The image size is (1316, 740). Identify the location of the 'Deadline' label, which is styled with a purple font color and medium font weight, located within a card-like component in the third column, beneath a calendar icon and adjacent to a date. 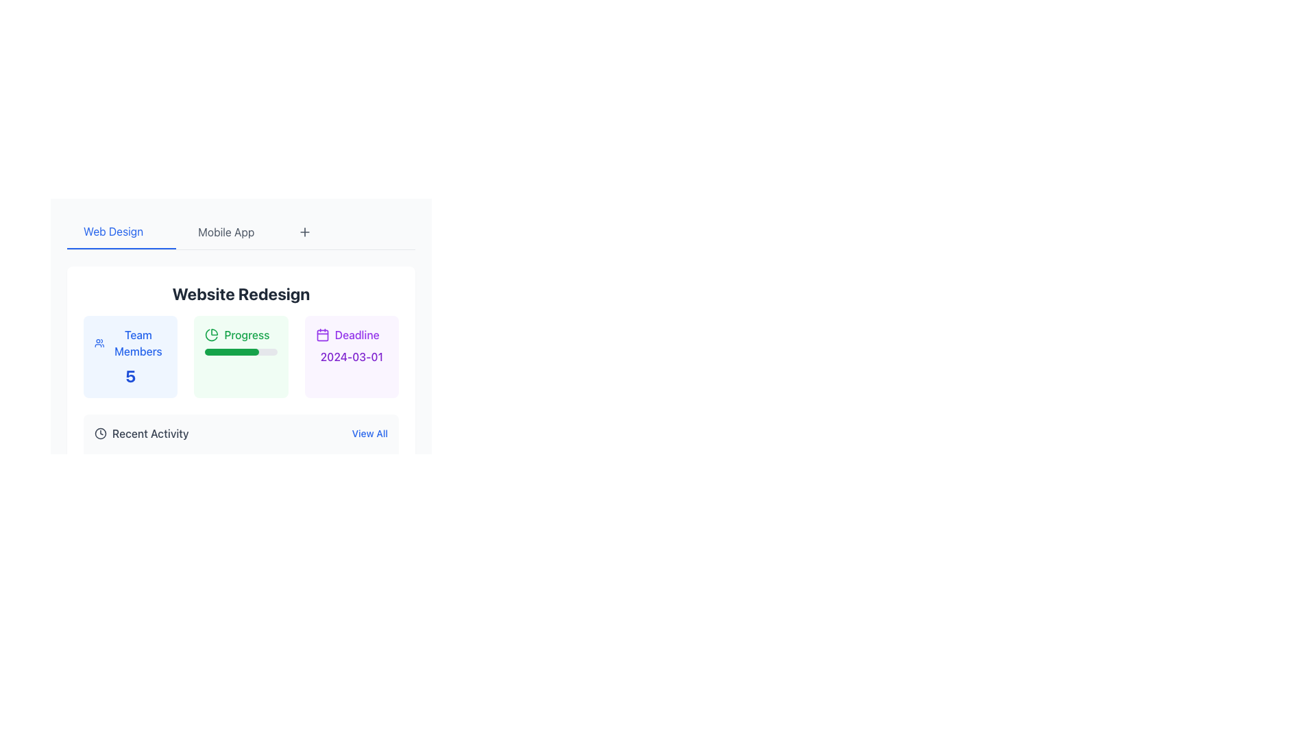
(357, 335).